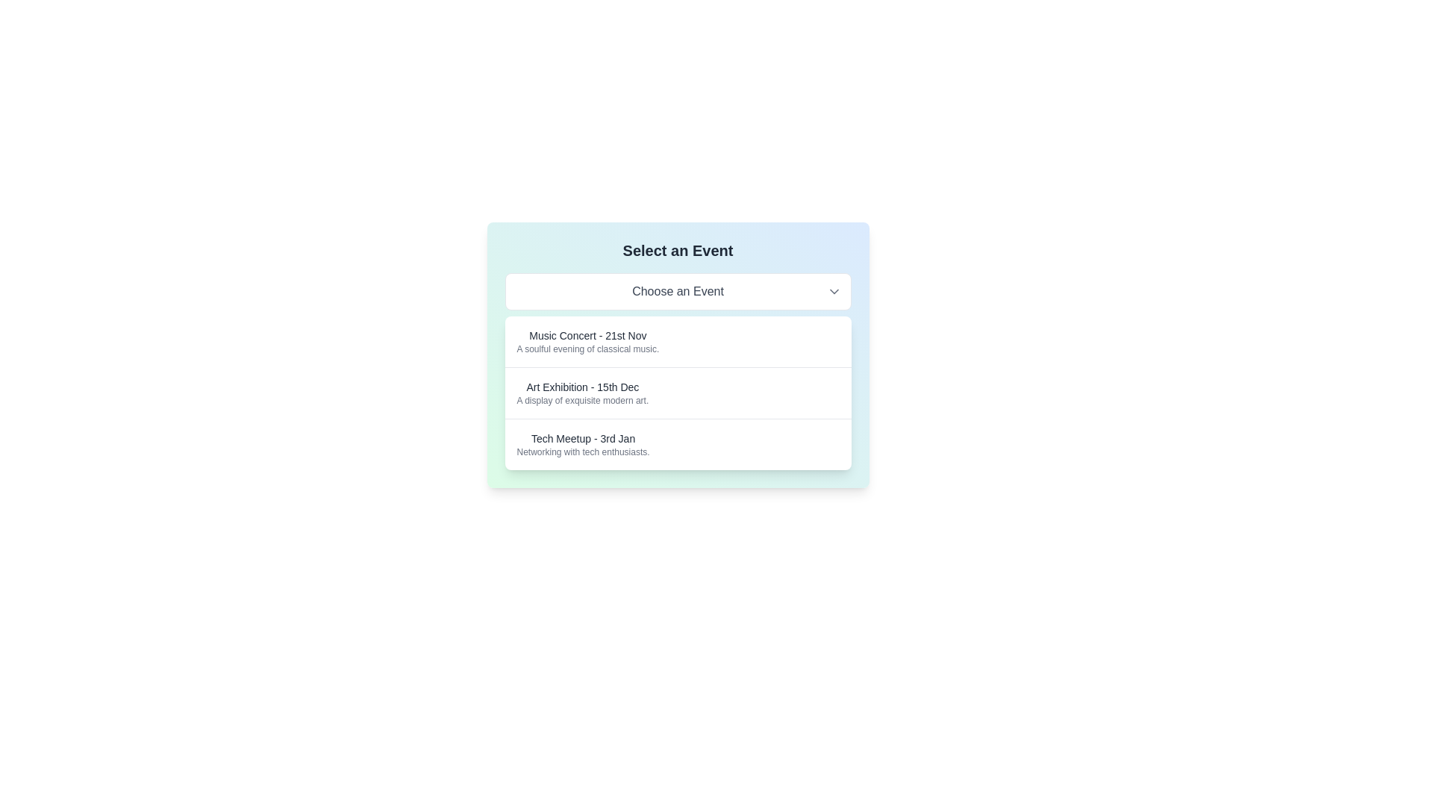 The height and width of the screenshot is (806, 1433). What do you see at coordinates (582, 437) in the screenshot?
I see `the text element displaying 'Tech Meetup - 3rd Jan', which is styled in medium font size and dark gray color, located at the top of the third option in the events list of the modal` at bounding box center [582, 437].